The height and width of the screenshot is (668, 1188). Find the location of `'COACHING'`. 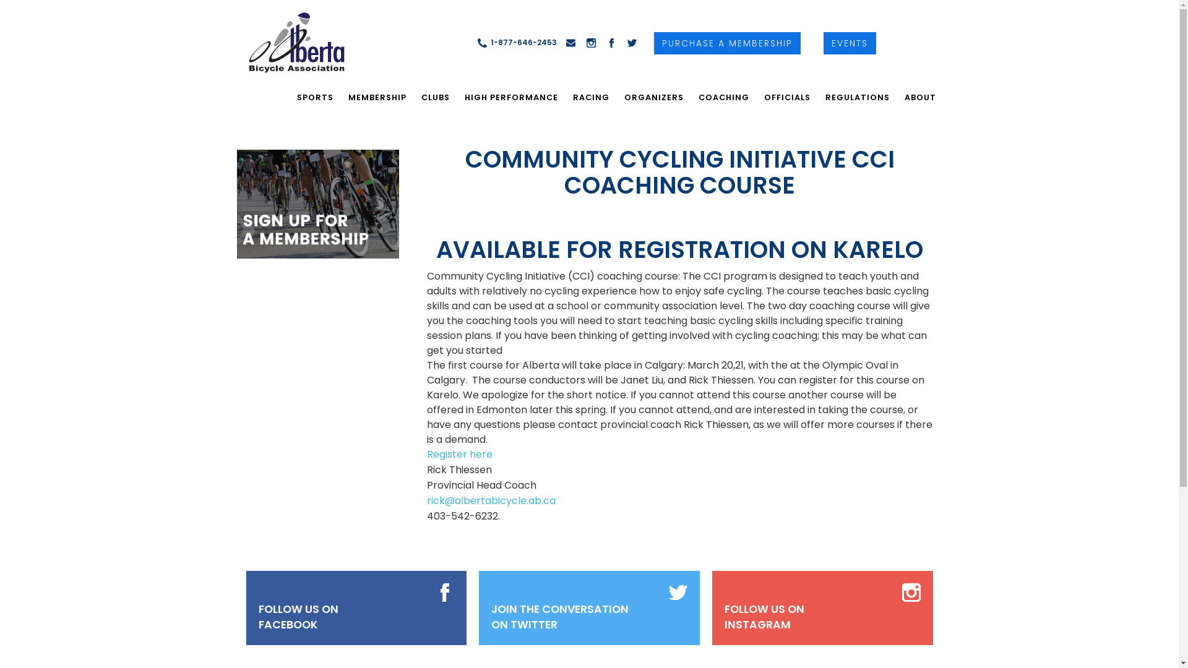

'COACHING' is located at coordinates (691, 97).